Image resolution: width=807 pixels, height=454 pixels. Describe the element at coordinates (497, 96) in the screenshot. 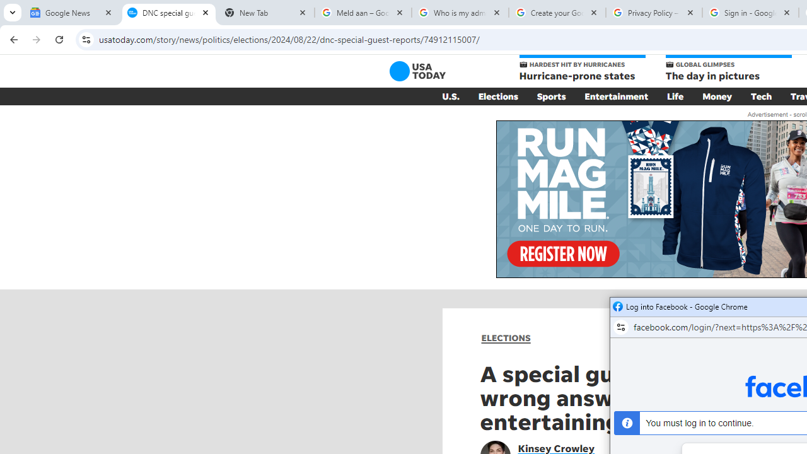

I see `'Elections'` at that location.